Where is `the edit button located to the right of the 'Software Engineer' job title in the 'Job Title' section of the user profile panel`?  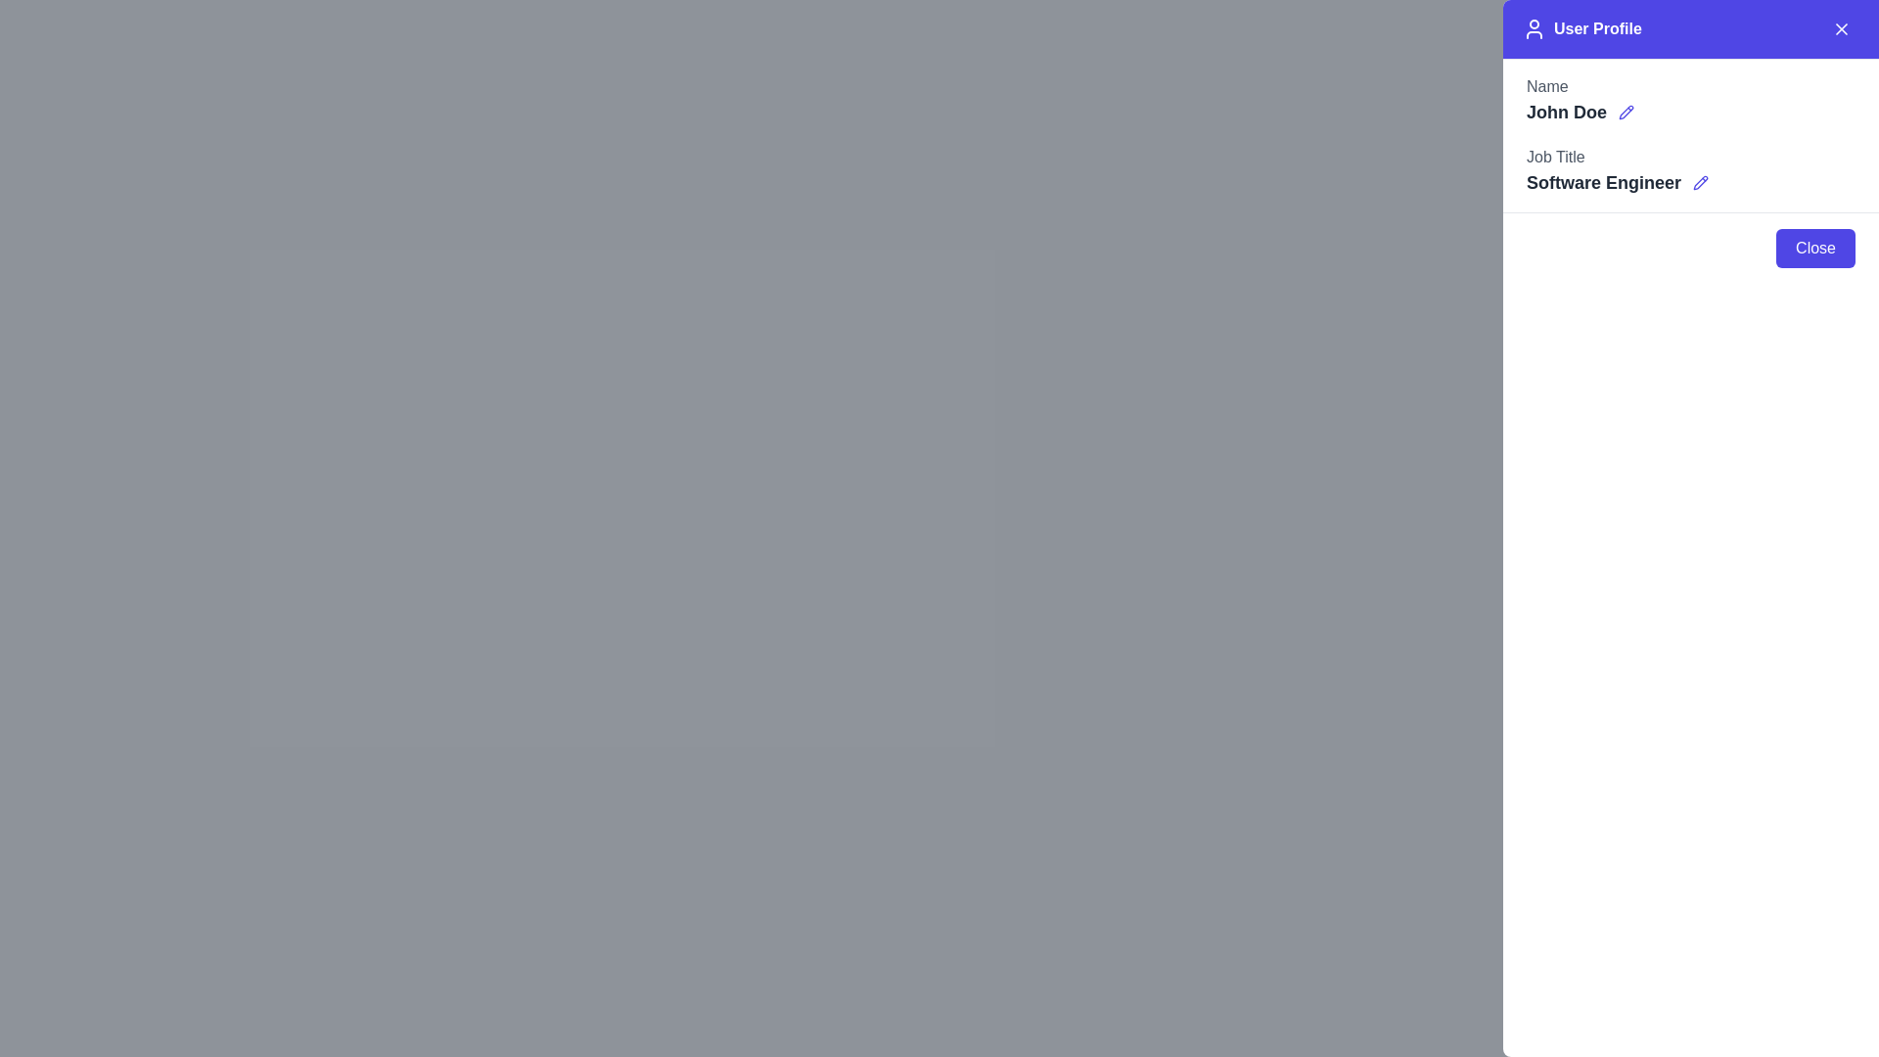 the edit button located to the right of the 'Software Engineer' job title in the 'Job Title' section of the user profile panel is located at coordinates (1699, 182).